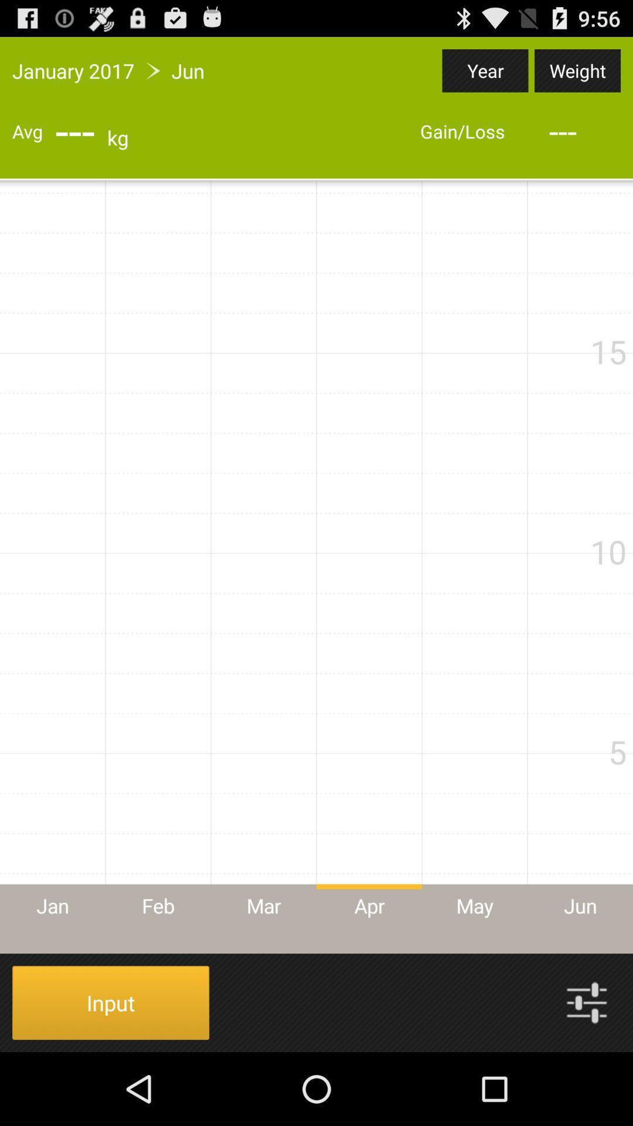 Image resolution: width=633 pixels, height=1126 pixels. What do you see at coordinates (577, 70) in the screenshot?
I see `app above --- app` at bounding box center [577, 70].